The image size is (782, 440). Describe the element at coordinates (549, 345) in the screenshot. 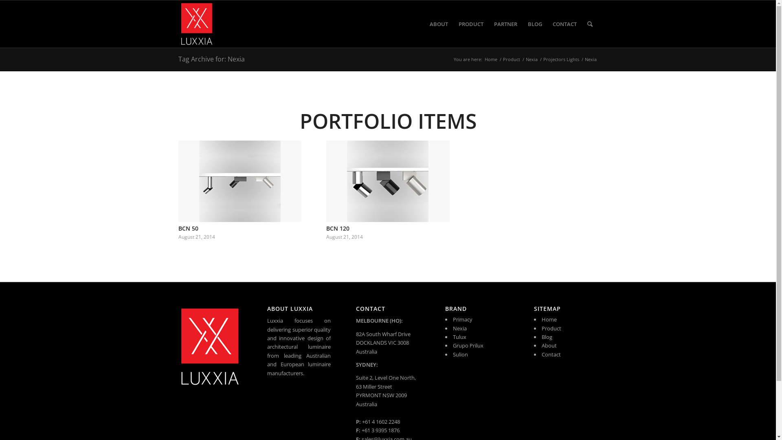

I see `'About'` at that location.